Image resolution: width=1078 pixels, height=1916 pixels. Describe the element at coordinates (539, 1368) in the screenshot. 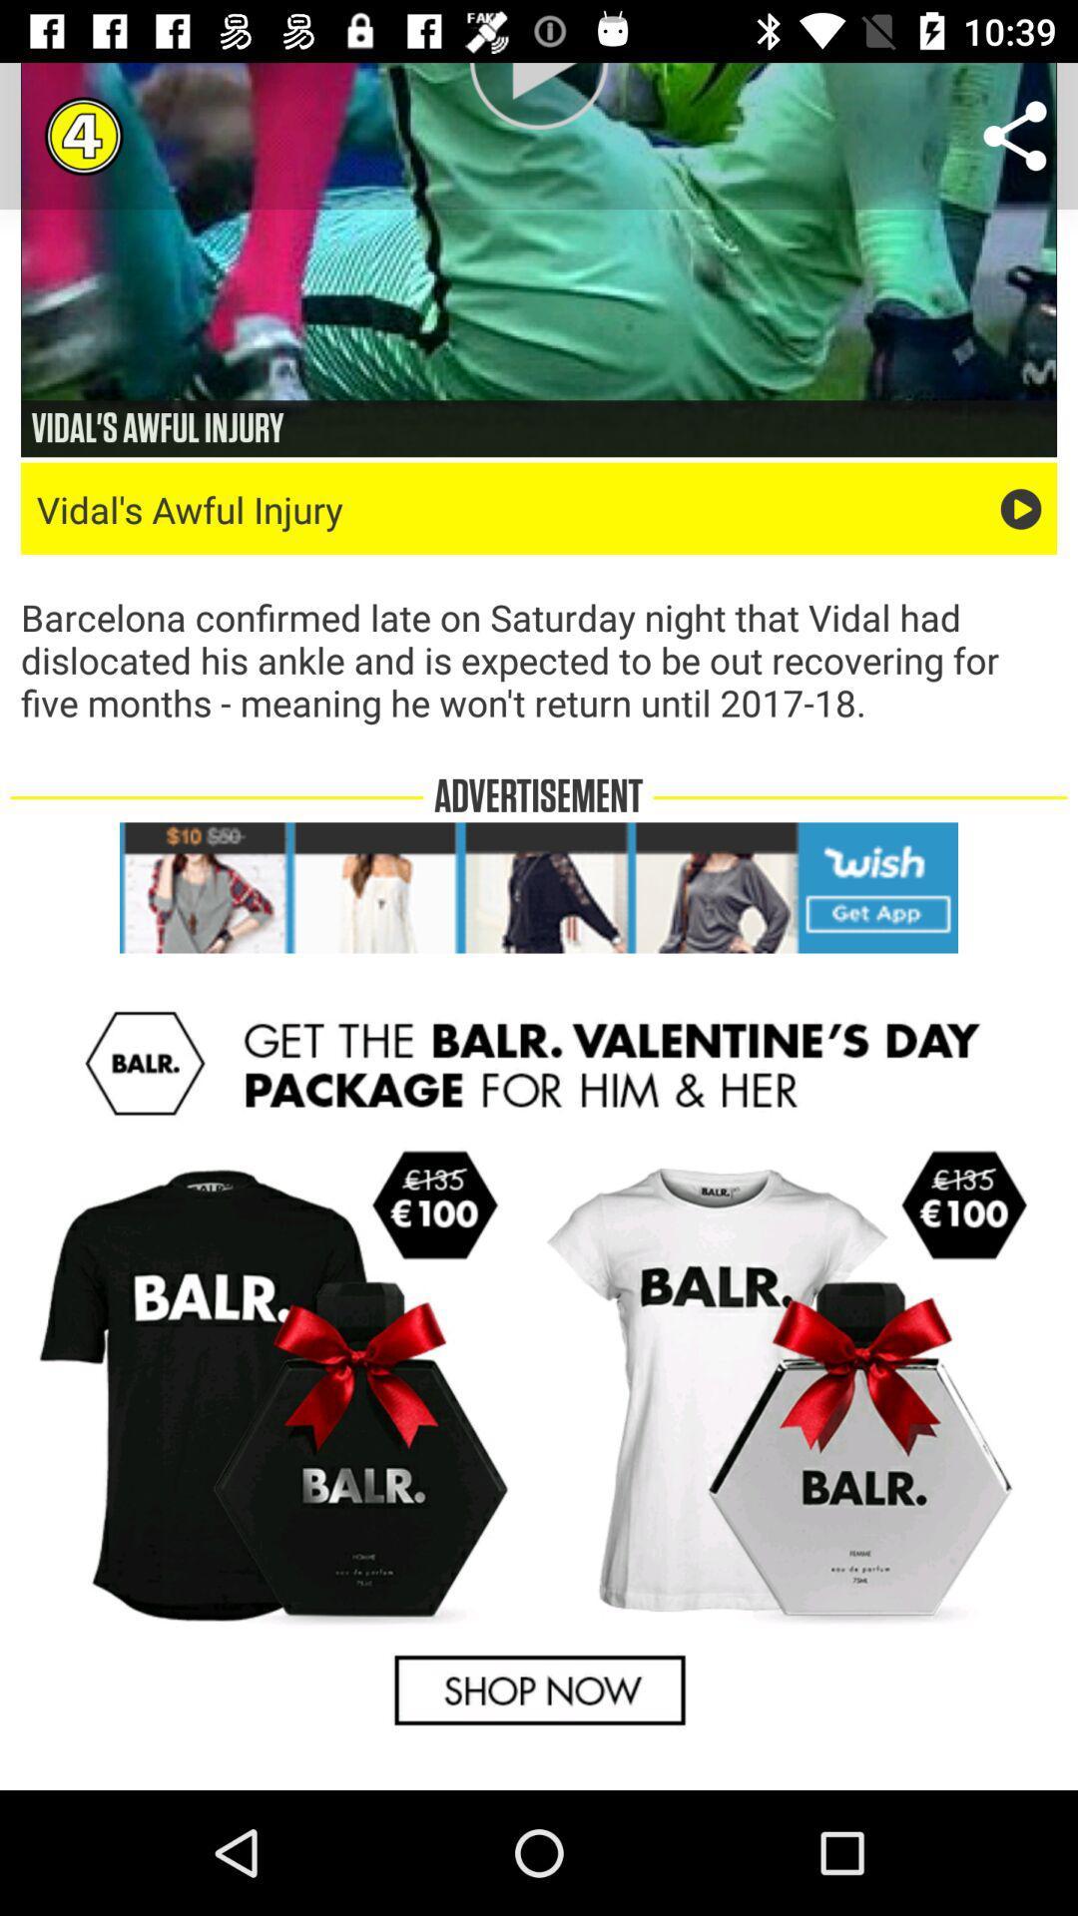

I see `advertisement` at that location.